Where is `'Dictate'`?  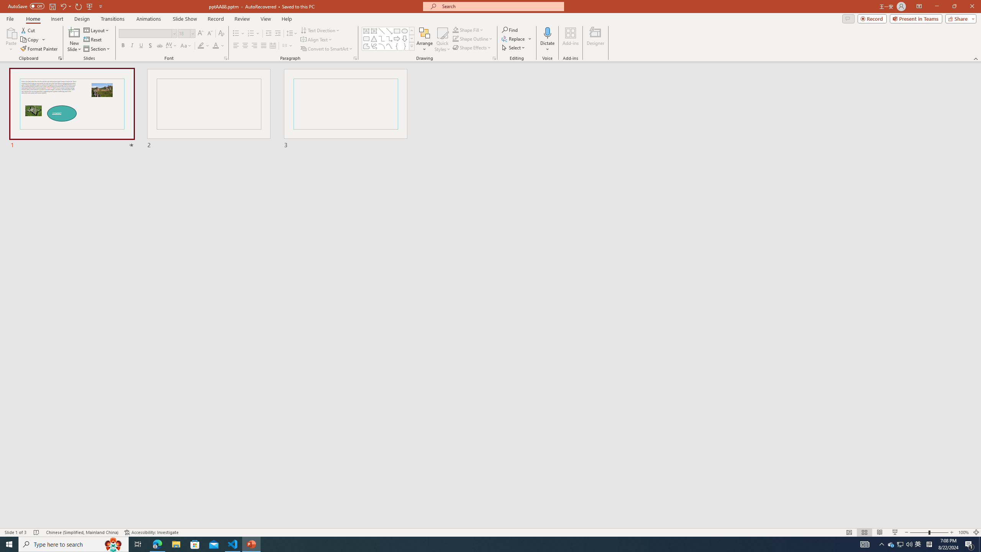
'Dictate' is located at coordinates (547, 32).